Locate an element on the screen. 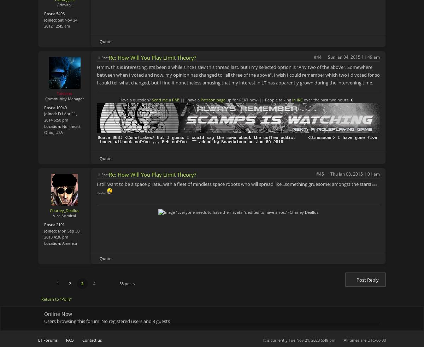 The image size is (424, 347). 'Return to “Polls”' is located at coordinates (56, 299).